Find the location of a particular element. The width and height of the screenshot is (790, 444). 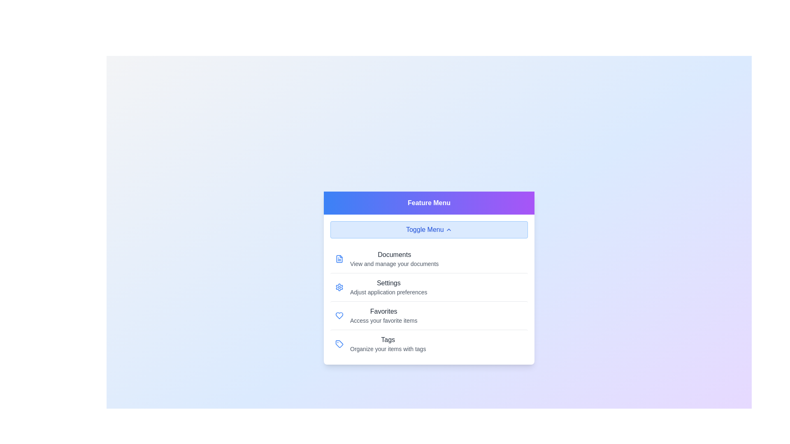

the menu option Tags by clicking on it is located at coordinates (428, 344).